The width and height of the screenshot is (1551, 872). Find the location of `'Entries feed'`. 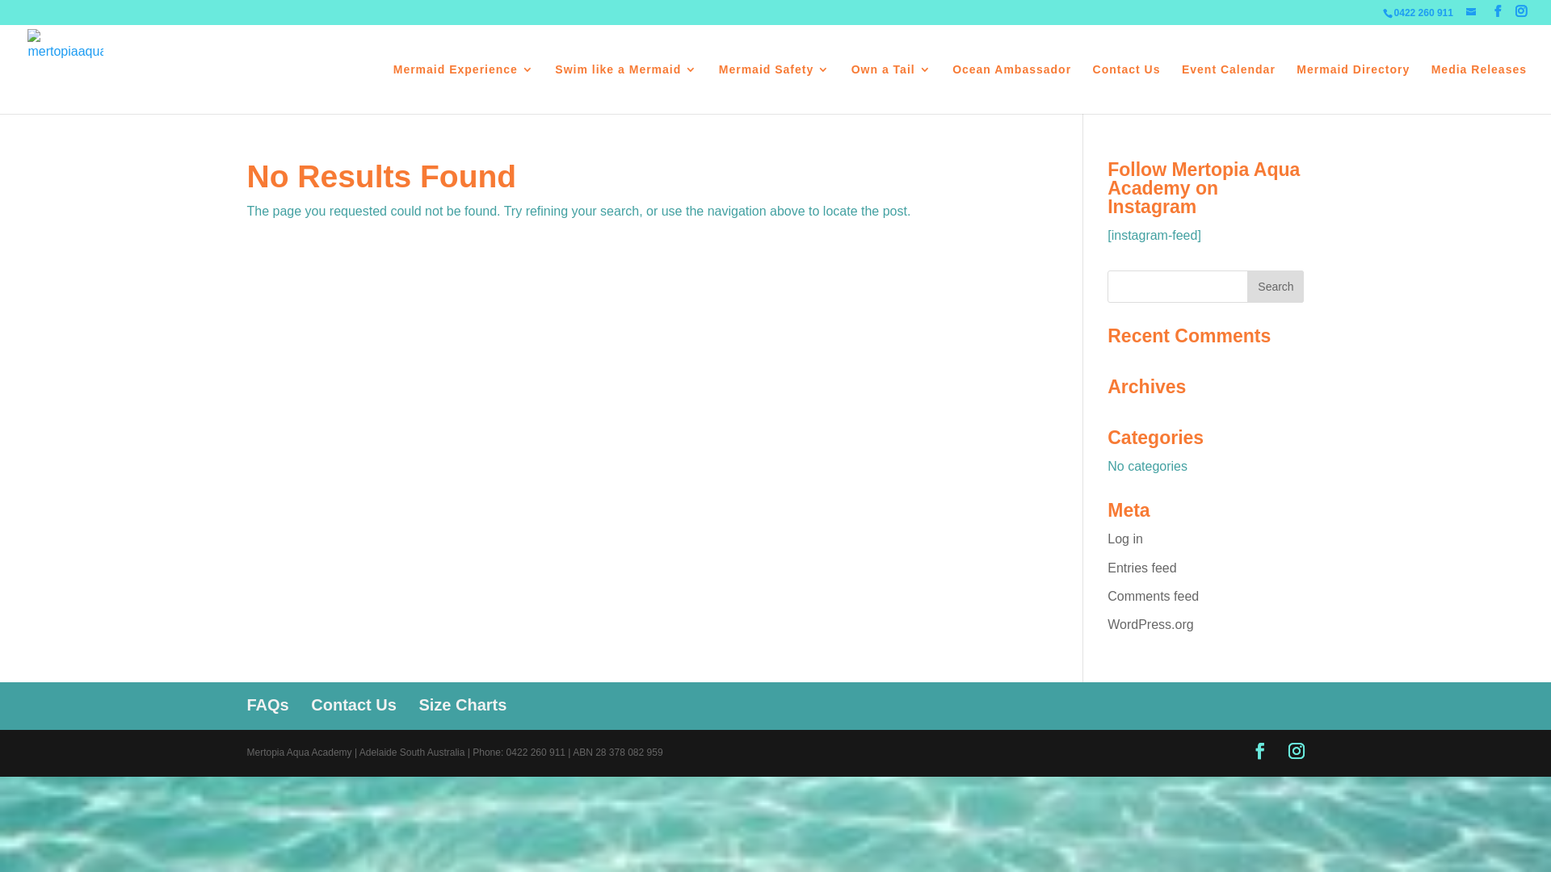

'Entries feed' is located at coordinates (1107, 567).